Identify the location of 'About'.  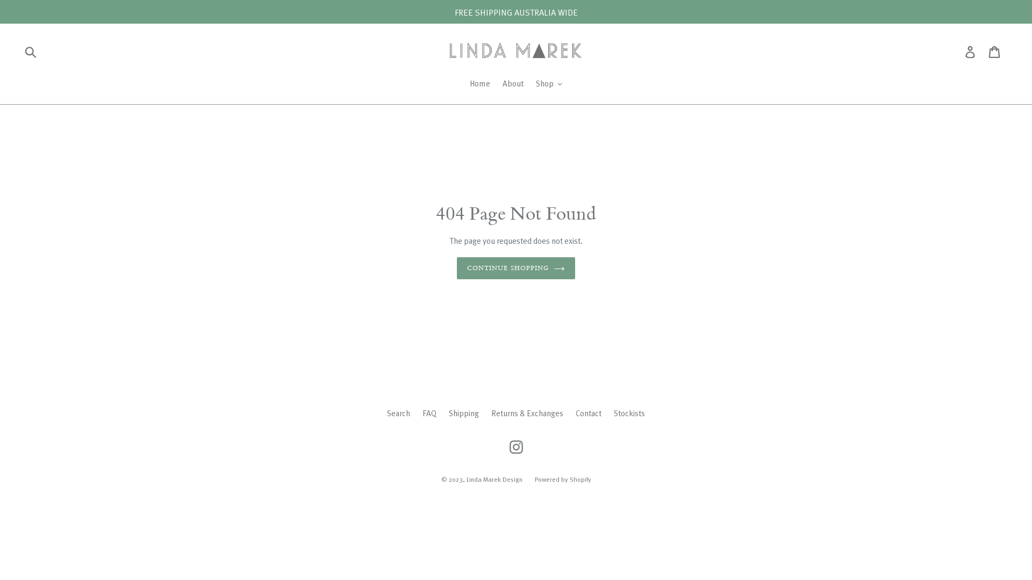
(512, 84).